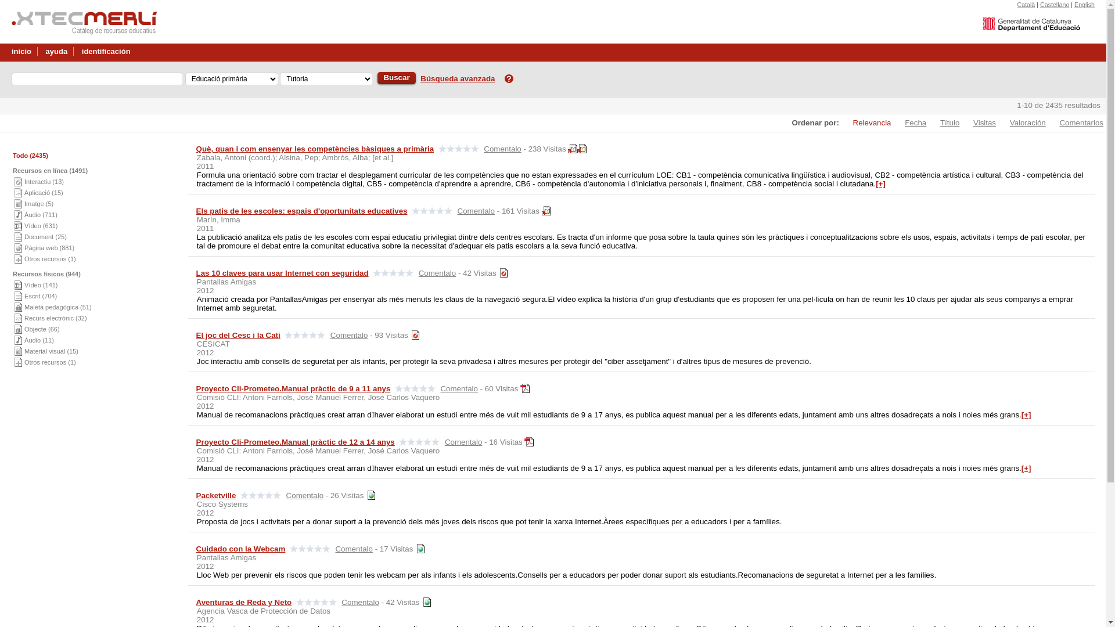 The width and height of the screenshot is (1115, 627). What do you see at coordinates (243, 601) in the screenshot?
I see `'Aventuras de Reda y Neto'` at bounding box center [243, 601].